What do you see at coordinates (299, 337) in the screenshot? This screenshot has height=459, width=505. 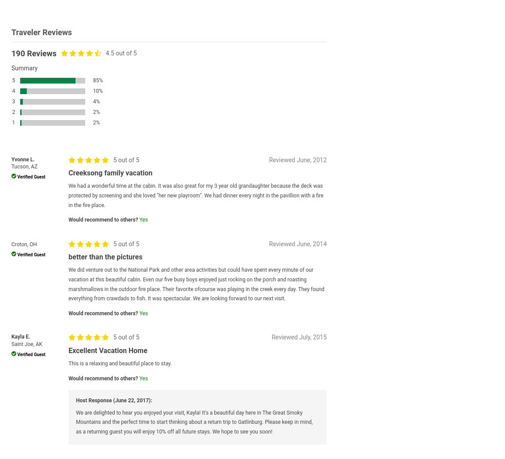 I see `'Reviewed July, 2015'` at bounding box center [299, 337].